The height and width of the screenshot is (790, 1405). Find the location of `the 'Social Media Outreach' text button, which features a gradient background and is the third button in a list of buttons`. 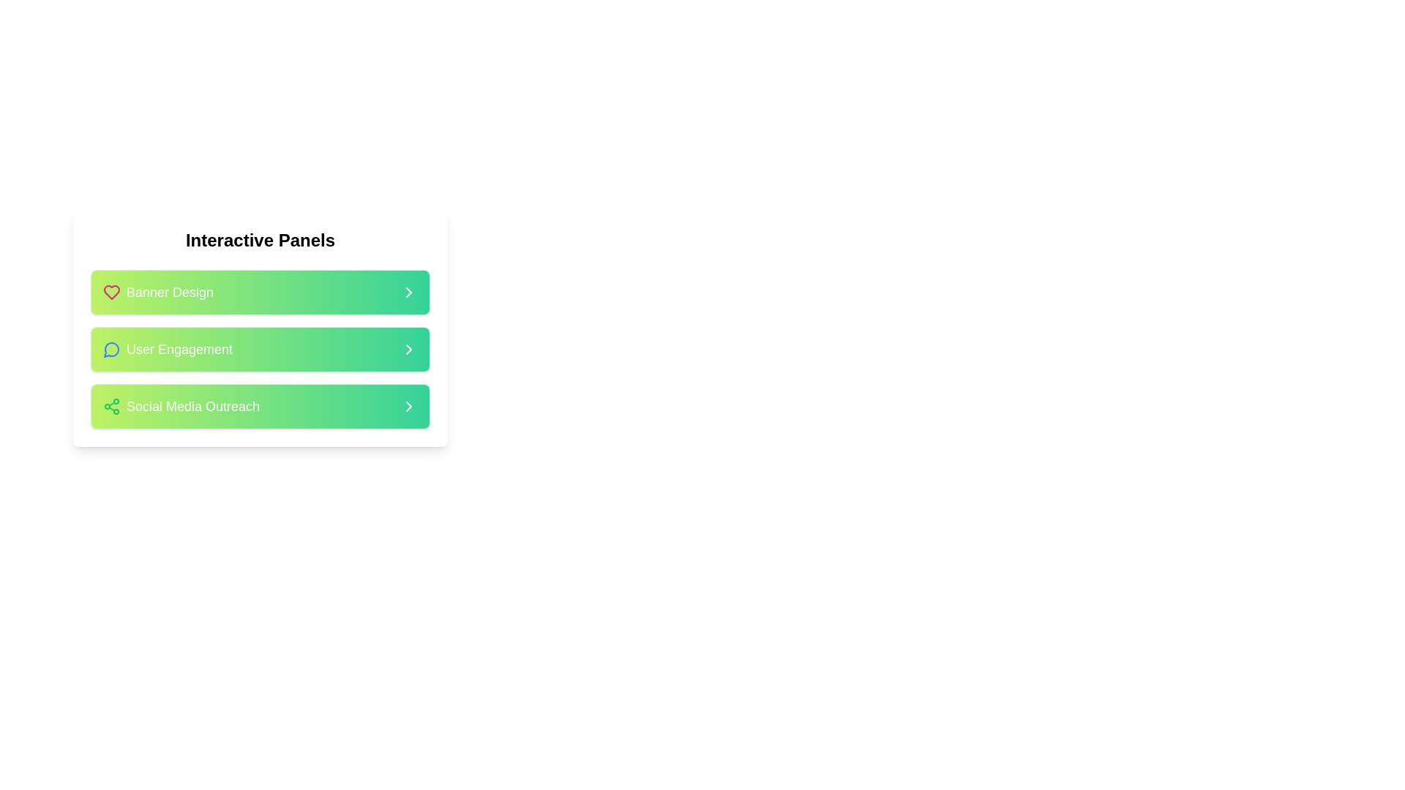

the 'Social Media Outreach' text button, which features a gradient background and is the third button in a list of buttons is located at coordinates (181, 406).